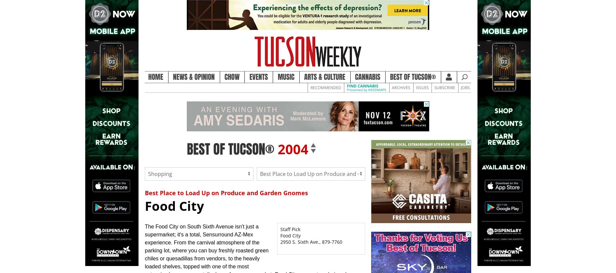 The width and height of the screenshot is (616, 273). Describe the element at coordinates (367, 77) in the screenshot. I see `'Cannabis'` at that location.